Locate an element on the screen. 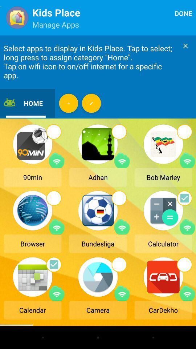 The height and width of the screenshot is (349, 196). enable or disable wifi is located at coordinates (122, 160).